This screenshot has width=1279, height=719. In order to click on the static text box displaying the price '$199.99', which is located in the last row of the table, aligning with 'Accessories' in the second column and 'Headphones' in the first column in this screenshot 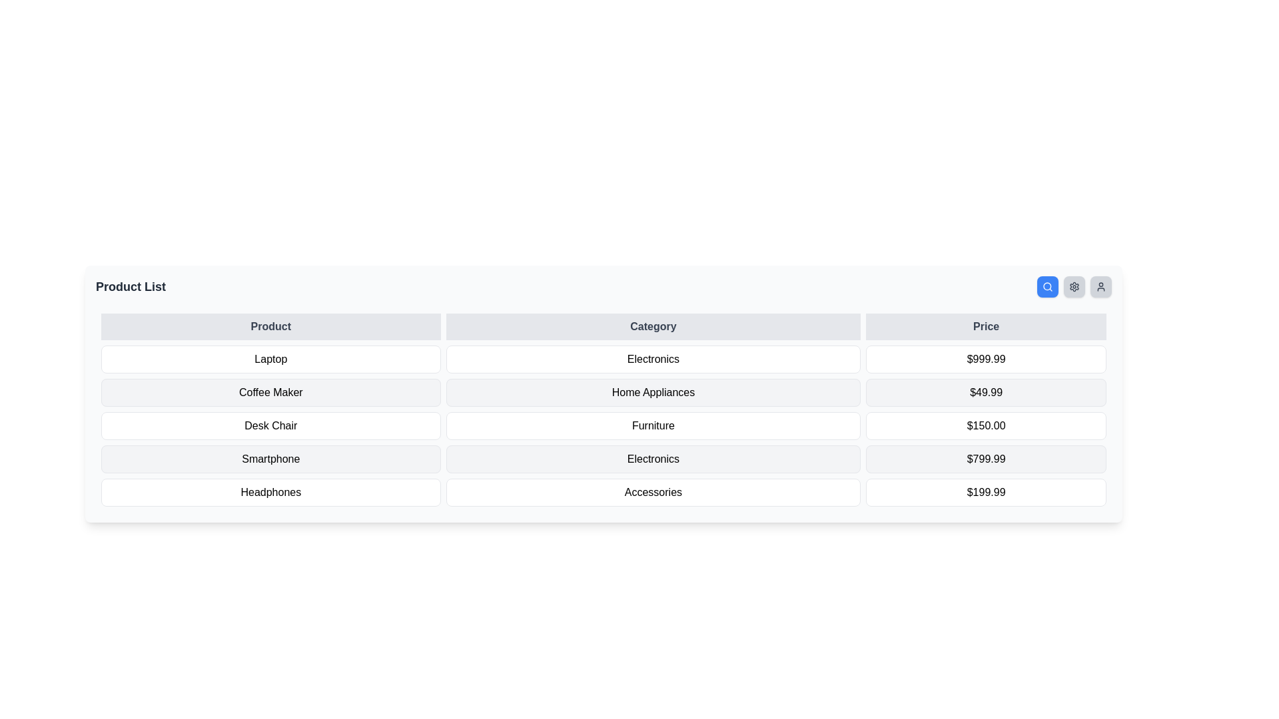, I will do `click(986, 493)`.